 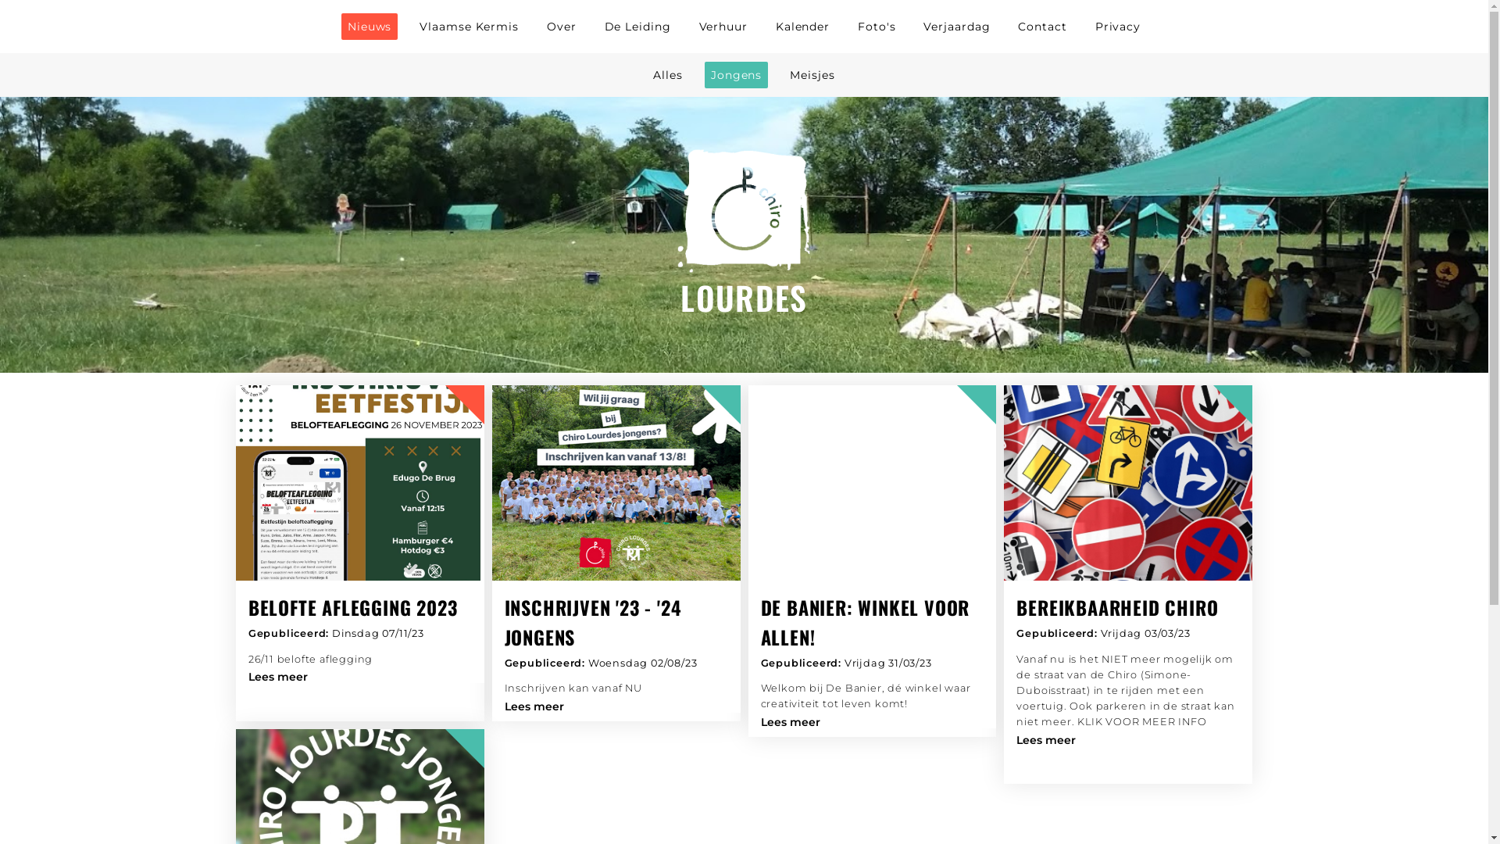 I want to click on 'De Leiding', so click(x=637, y=27).